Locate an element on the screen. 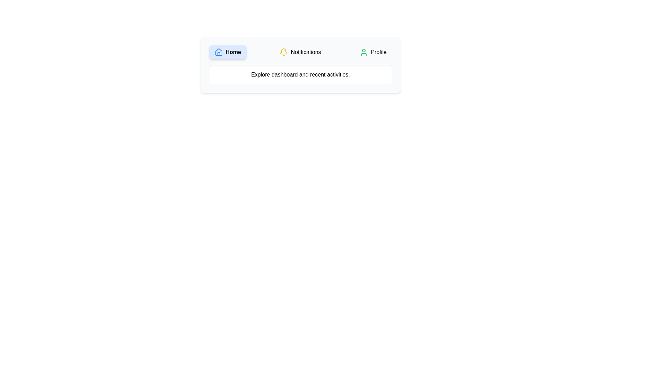  the tab labeled Notifications is located at coordinates (300, 52).